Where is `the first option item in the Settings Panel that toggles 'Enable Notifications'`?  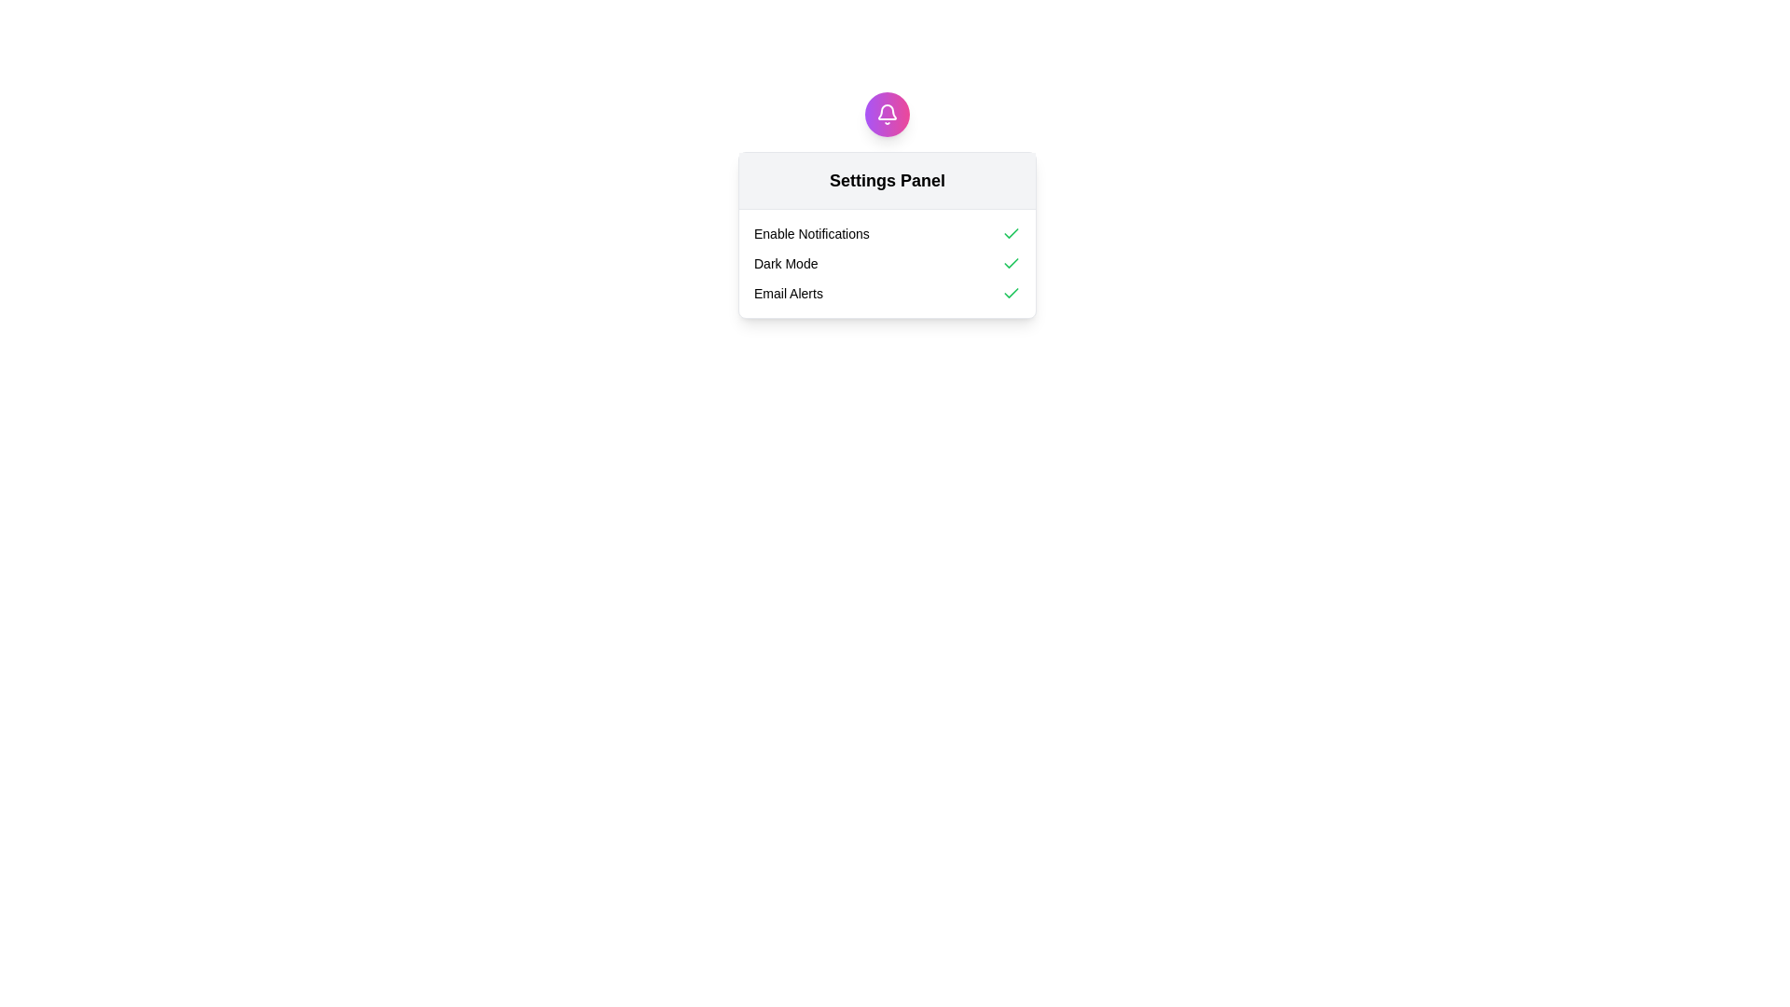
the first option item in the Settings Panel that toggles 'Enable Notifications' is located at coordinates (886, 232).